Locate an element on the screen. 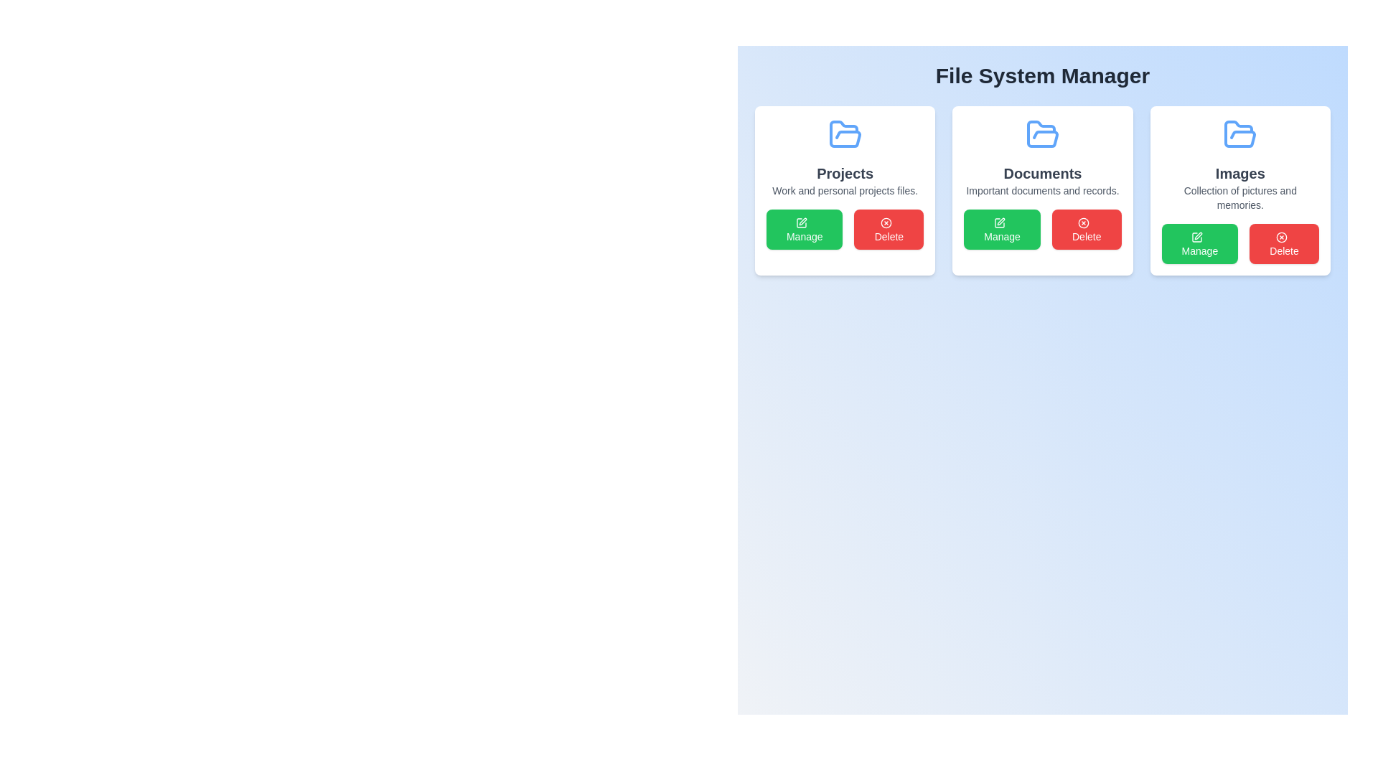  the Folder icon representing 'Documents' located in the second card from the left, centered at the top of the card is located at coordinates (1043, 133).